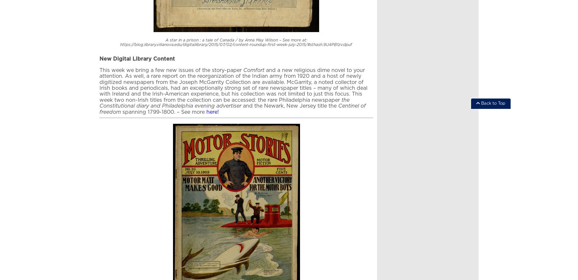  Describe the element at coordinates (233, 109) in the screenshot. I see `'Centinel of freedom'` at that location.